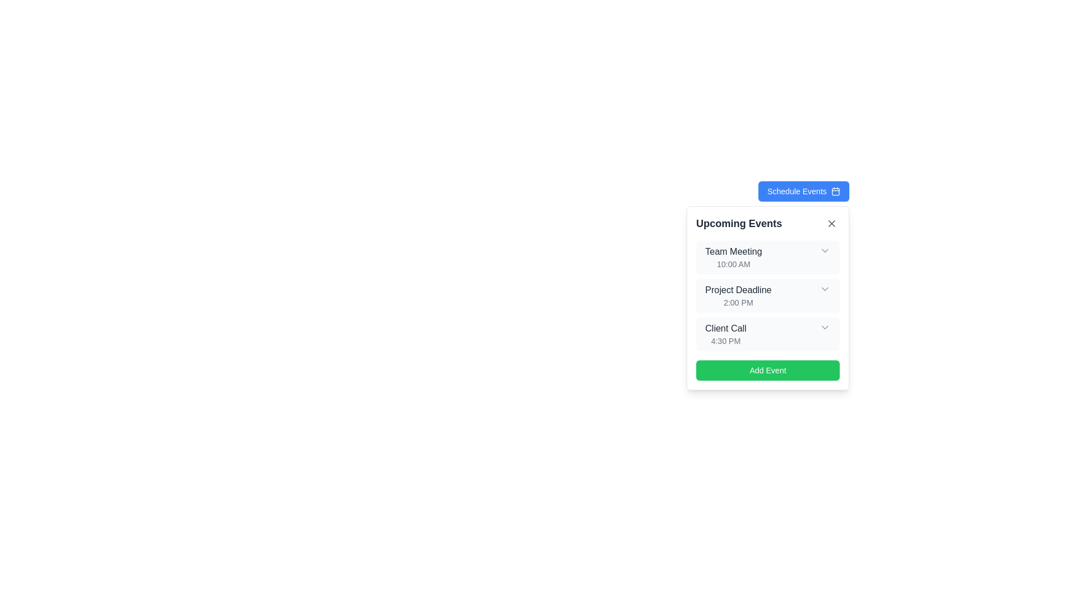 This screenshot has height=610, width=1085. I want to click on event notification labeled 'Project Deadline' scheduled at '2:00 PM', which is the second item in the 'Upcoming Events' list, so click(738, 295).